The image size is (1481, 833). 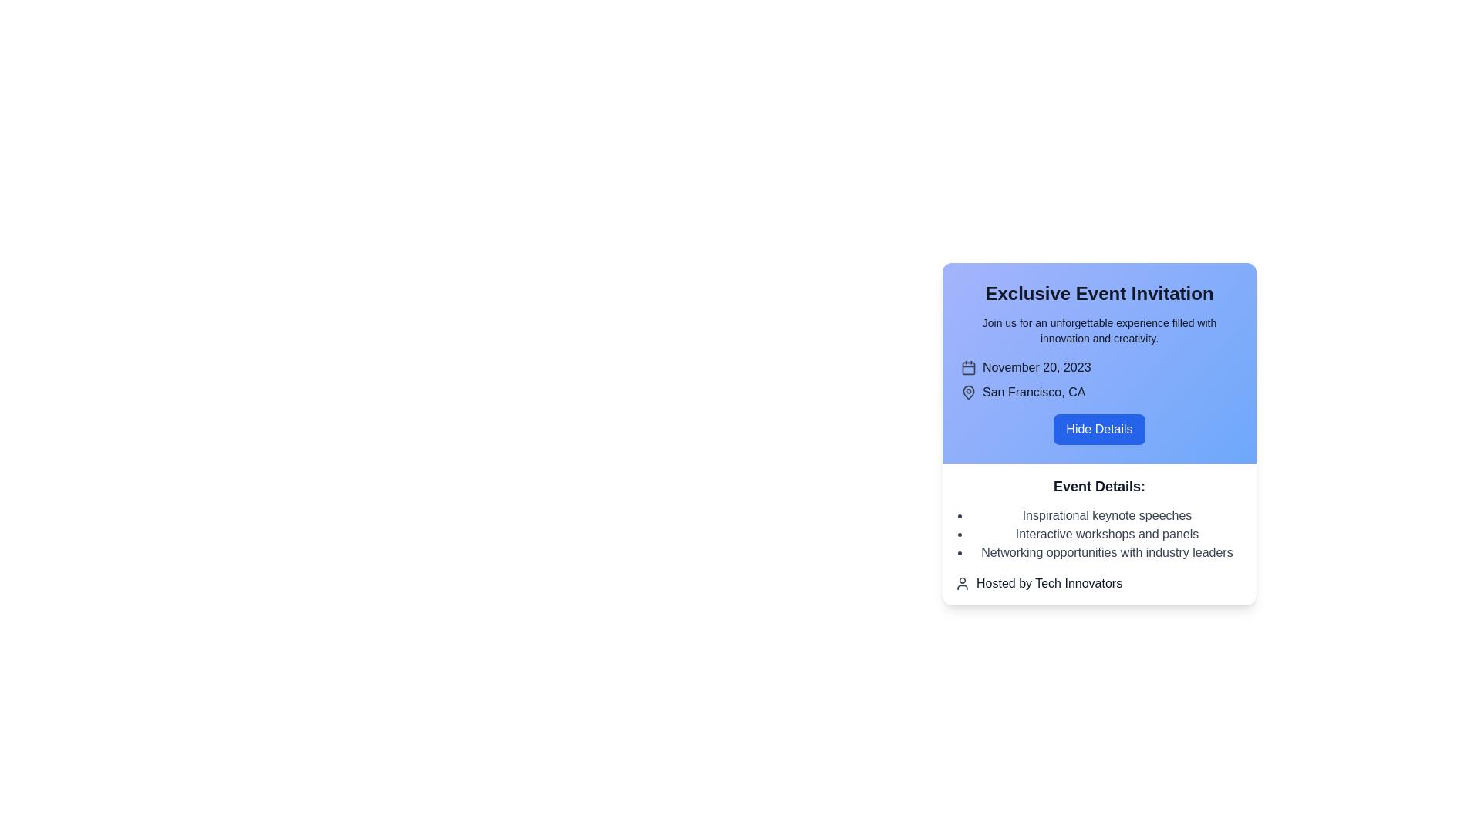 I want to click on text displayed in the list of key features or offerings for the event, which is located below the 'Event Details:' header and above the 'Hosted by Tech Innovators' text, so click(x=1106, y=534).